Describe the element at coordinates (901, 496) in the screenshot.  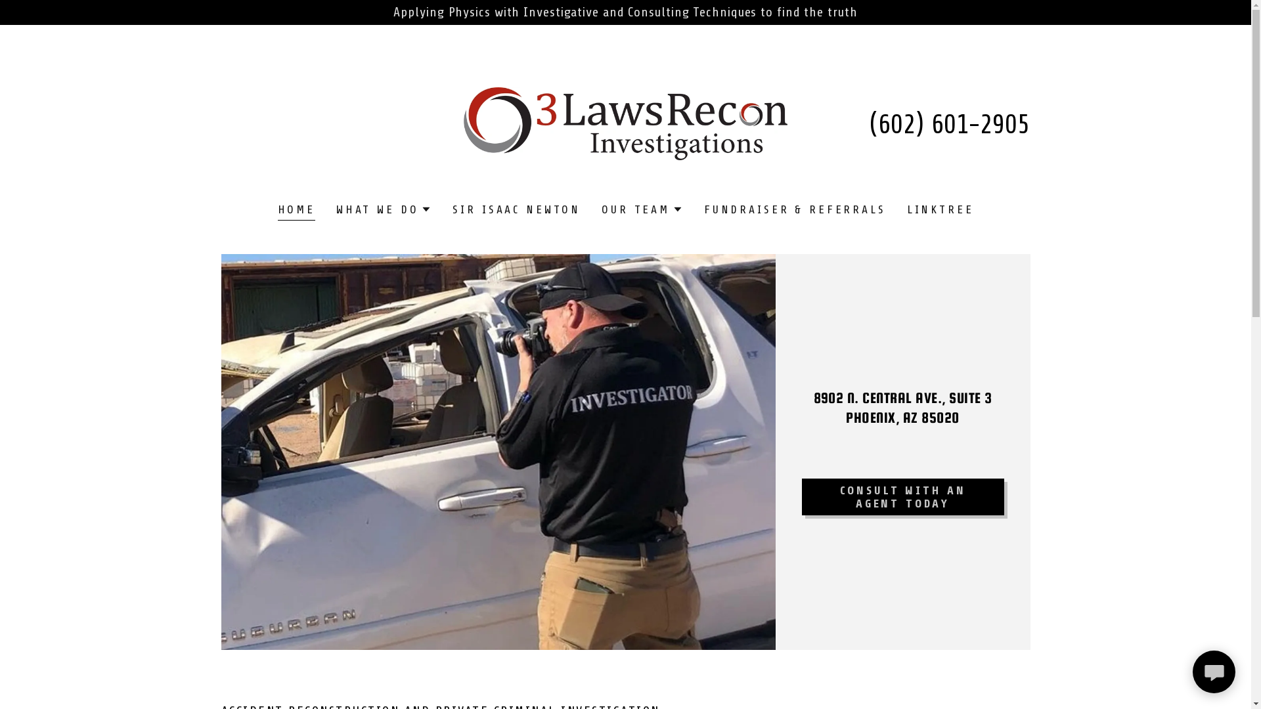
I see `'CONSULT WITH AN AGENT TODAY'` at that location.